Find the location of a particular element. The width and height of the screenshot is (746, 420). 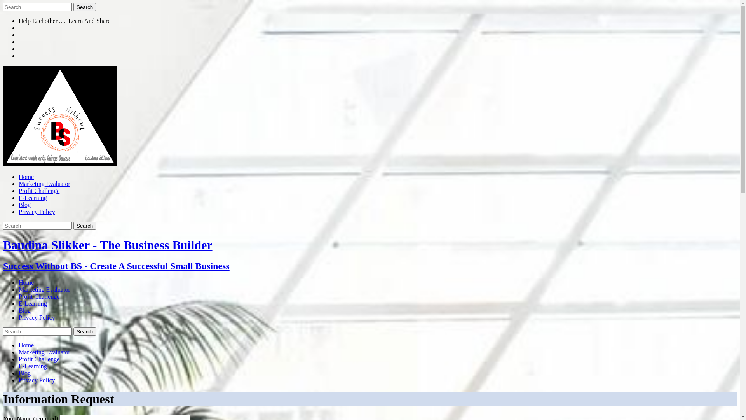

'E-Learning' is located at coordinates (32, 303).